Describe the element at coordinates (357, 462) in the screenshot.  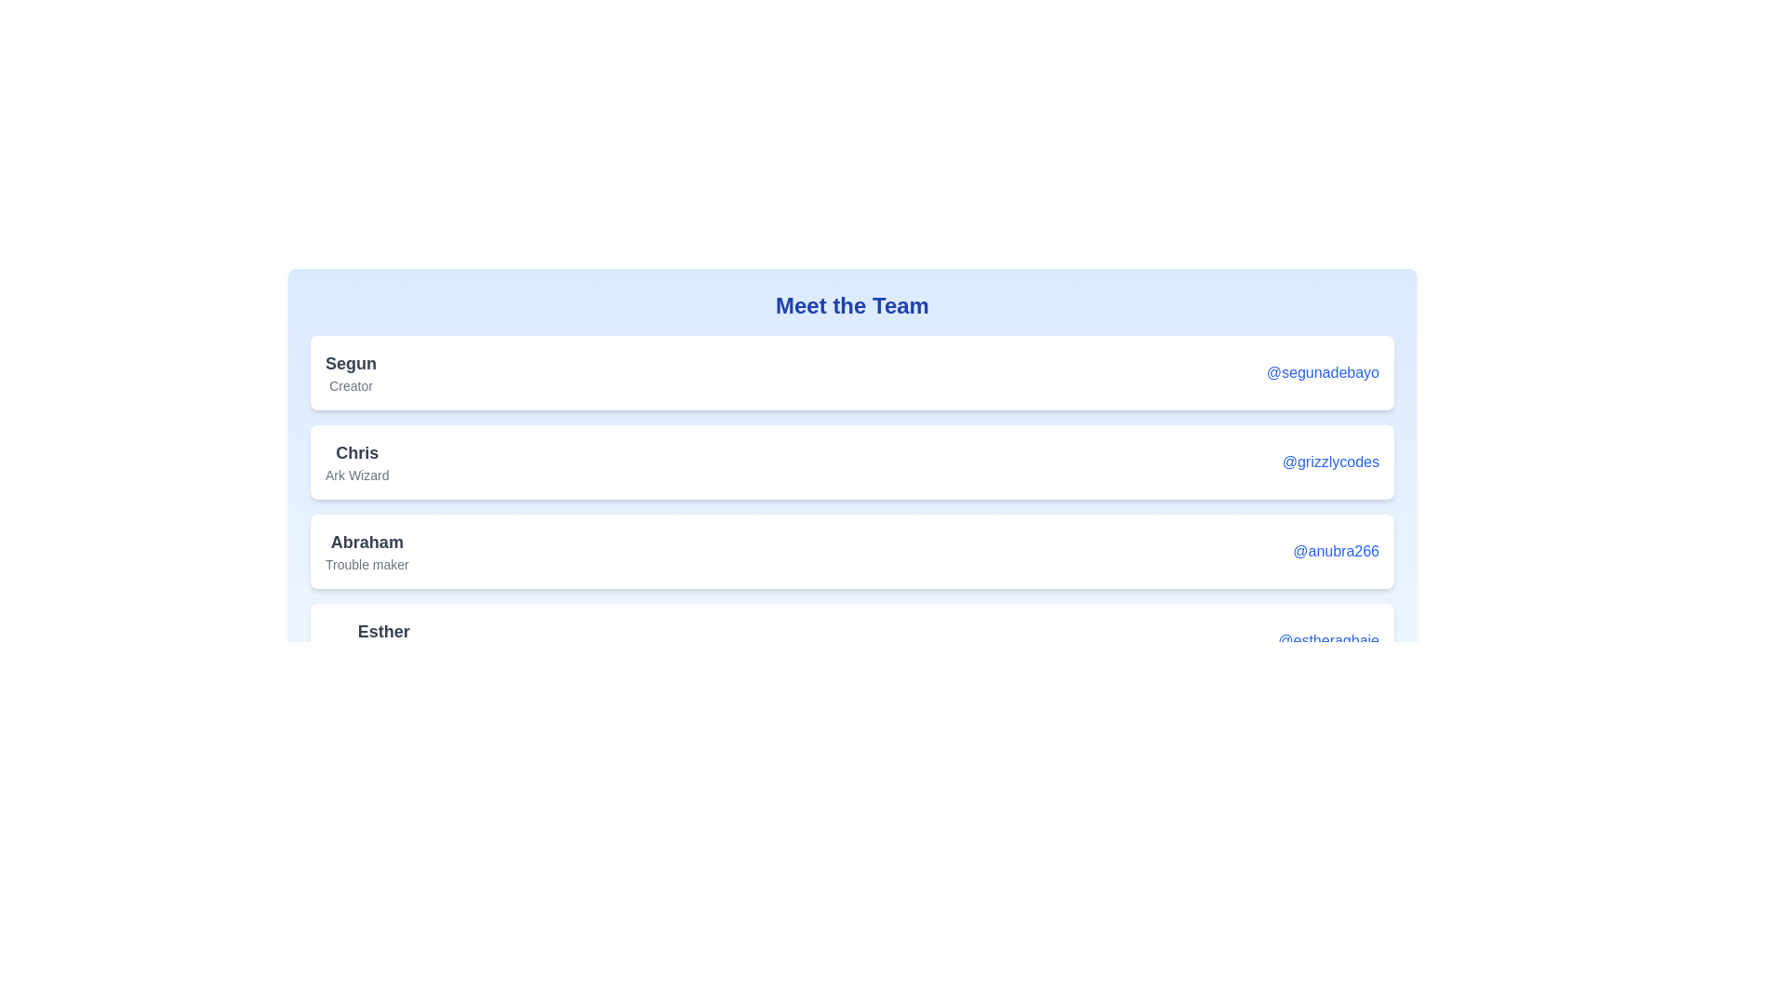
I see `displayed text of the text label showing the username '@grizzlycodes' in the second card of the user information list` at that location.